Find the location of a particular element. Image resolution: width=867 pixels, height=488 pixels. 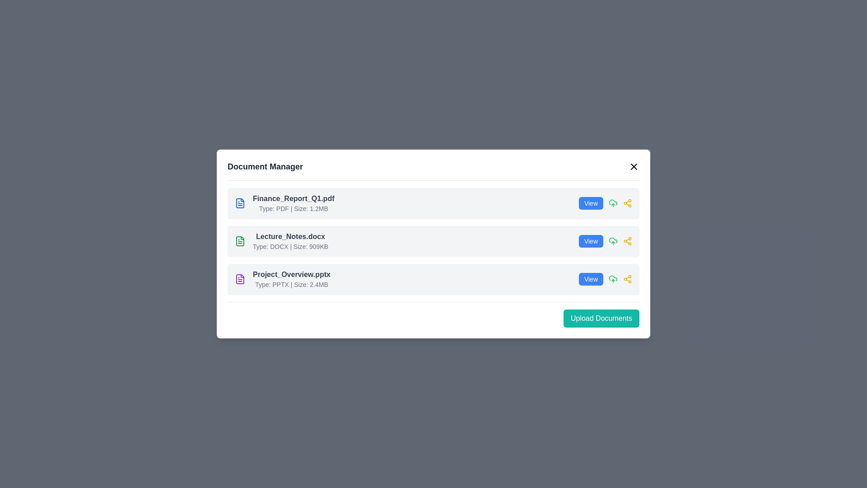

the button in the second row of the list interface is located at coordinates (591, 240).